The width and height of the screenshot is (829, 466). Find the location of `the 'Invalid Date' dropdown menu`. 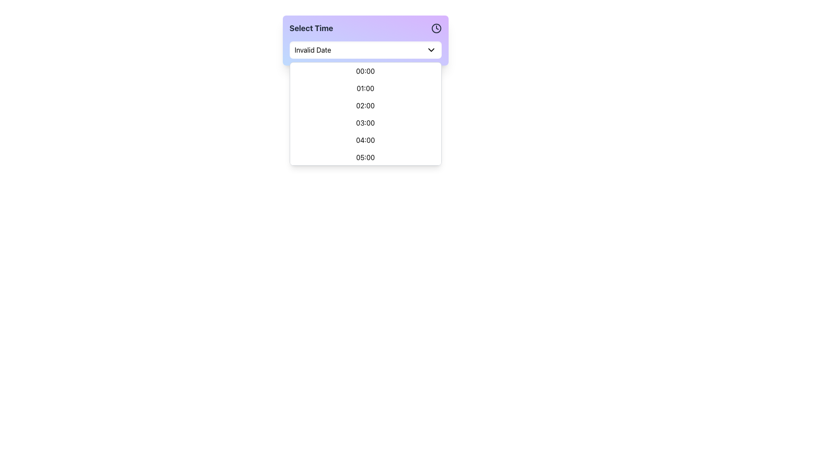

the 'Invalid Date' dropdown menu is located at coordinates (365, 50).